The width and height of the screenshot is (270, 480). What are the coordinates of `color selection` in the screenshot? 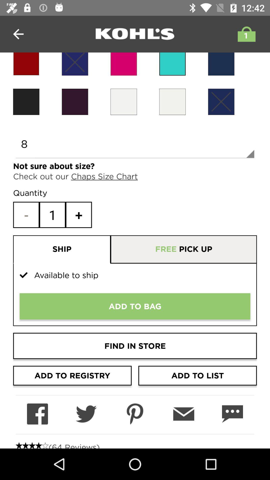 It's located at (75, 101).